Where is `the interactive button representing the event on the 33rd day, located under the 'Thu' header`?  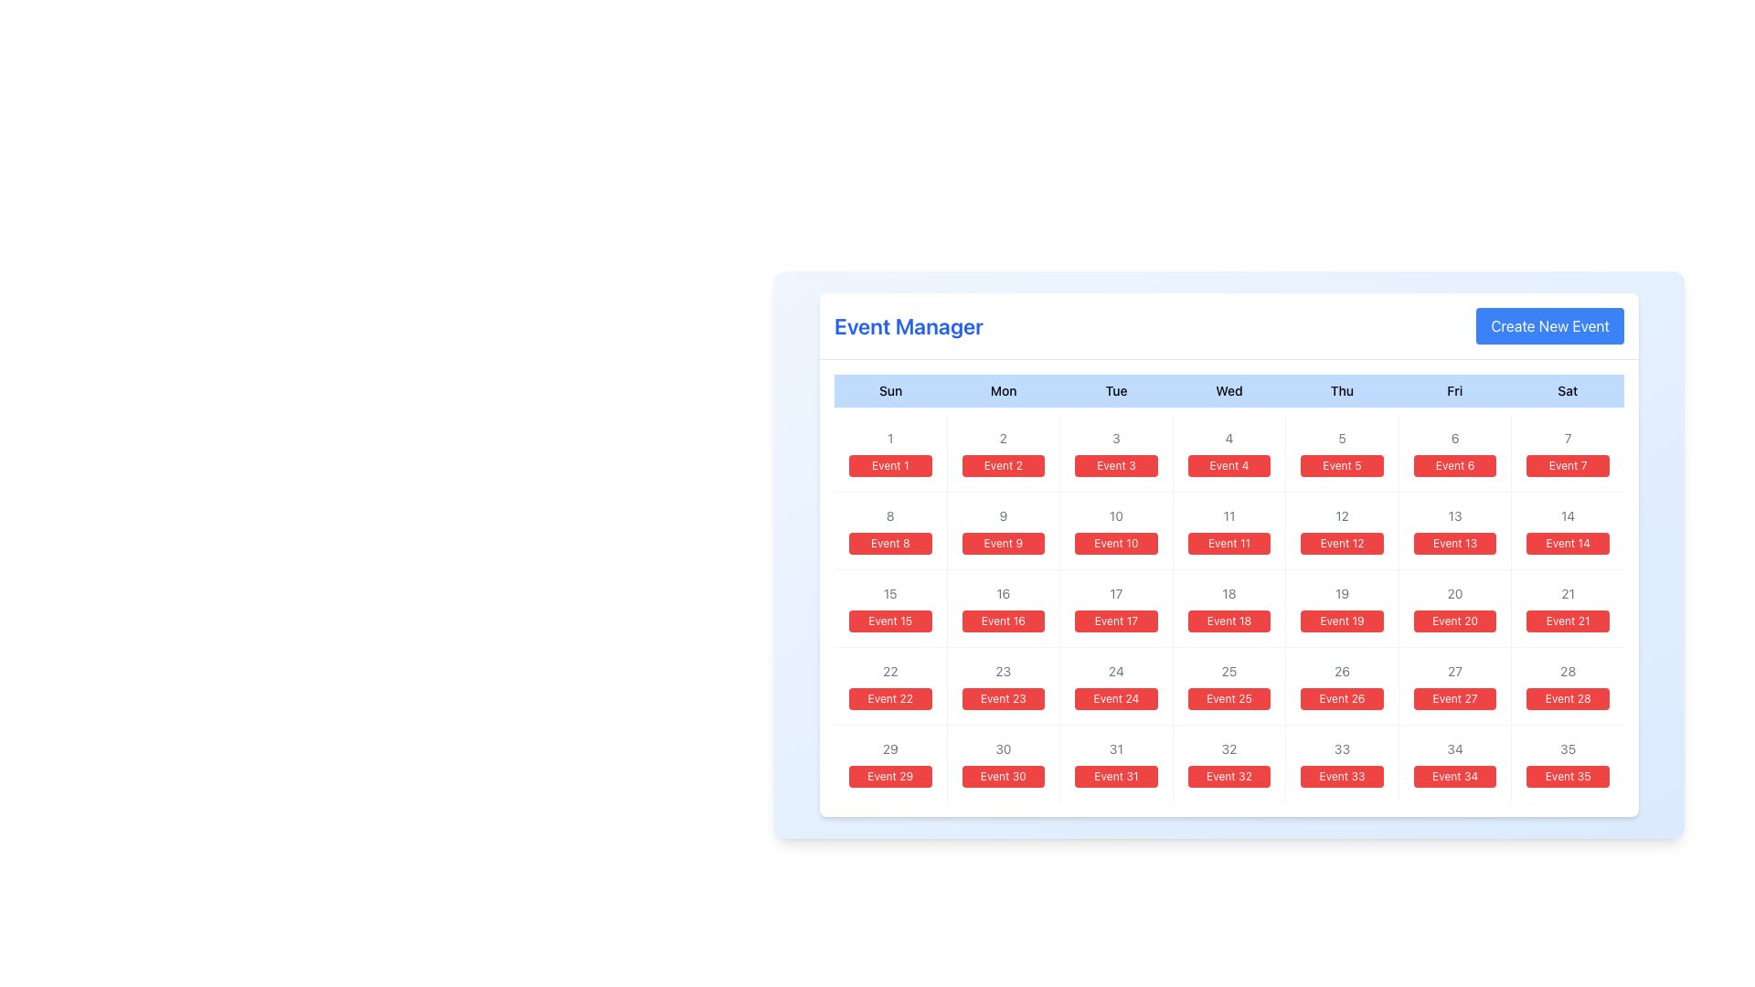
the interactive button representing the event on the 33rd day, located under the 'Thu' header is located at coordinates (1342, 764).